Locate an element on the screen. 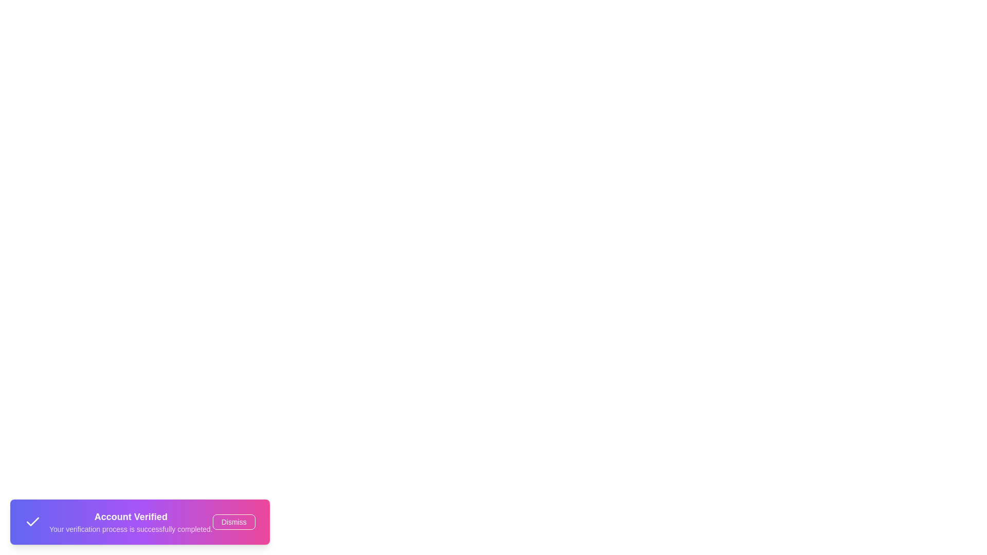 Image resolution: width=987 pixels, height=555 pixels. the 'Dismiss' button to close the snackbar is located at coordinates (233, 522).